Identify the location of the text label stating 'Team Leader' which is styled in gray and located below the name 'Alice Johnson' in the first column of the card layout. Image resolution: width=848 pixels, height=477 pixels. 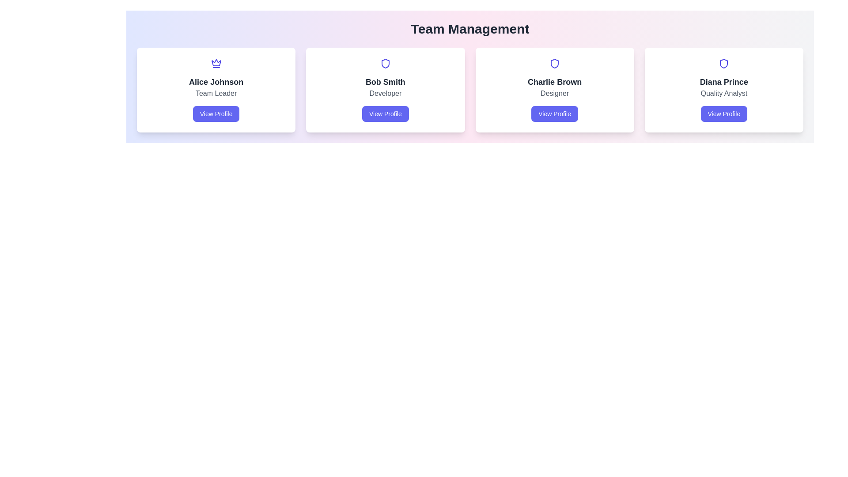
(216, 94).